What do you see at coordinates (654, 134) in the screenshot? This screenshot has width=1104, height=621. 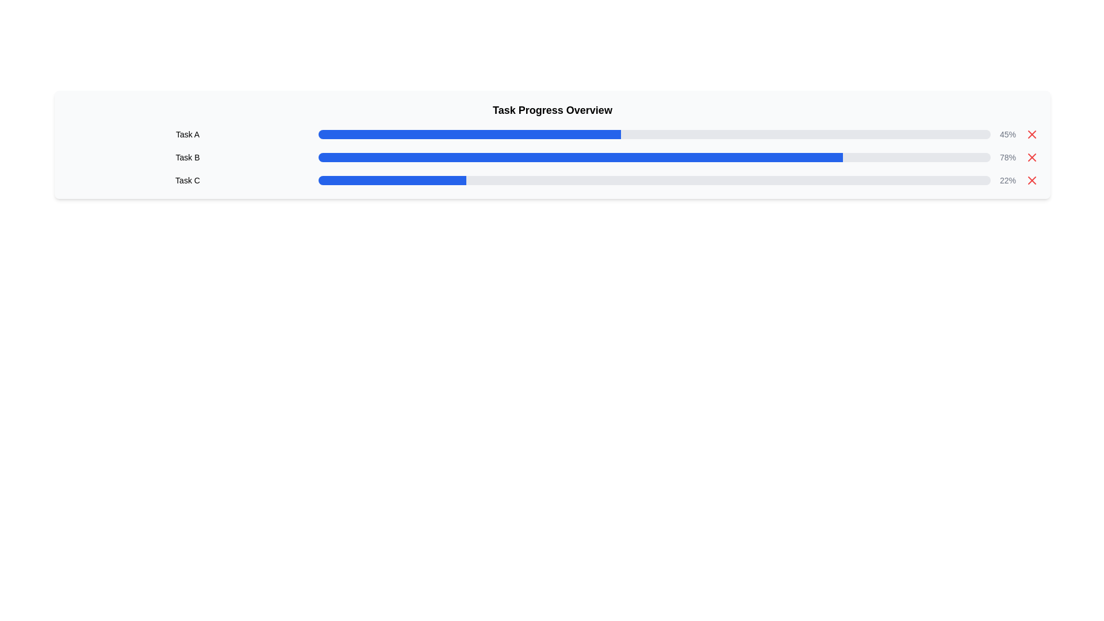 I see `the progress bar representing 'Task A' with a completion percentage of 45%` at bounding box center [654, 134].